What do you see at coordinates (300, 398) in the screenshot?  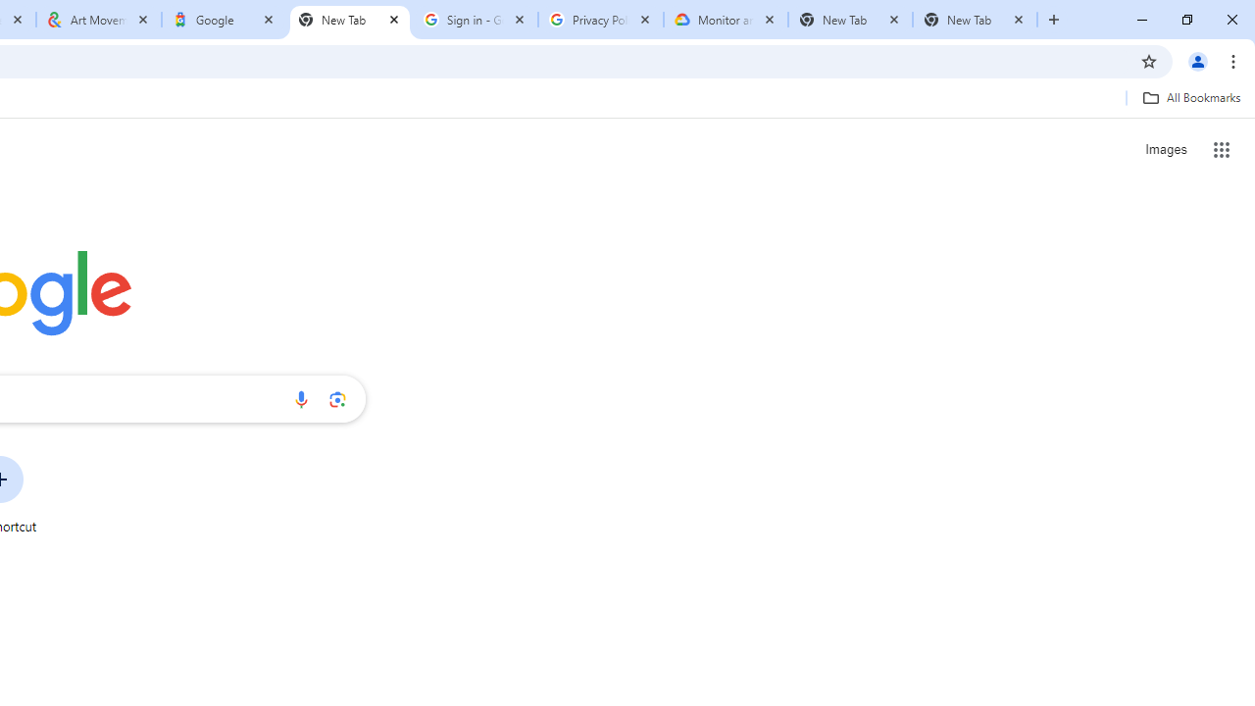 I see `'Search by voice'` at bounding box center [300, 398].